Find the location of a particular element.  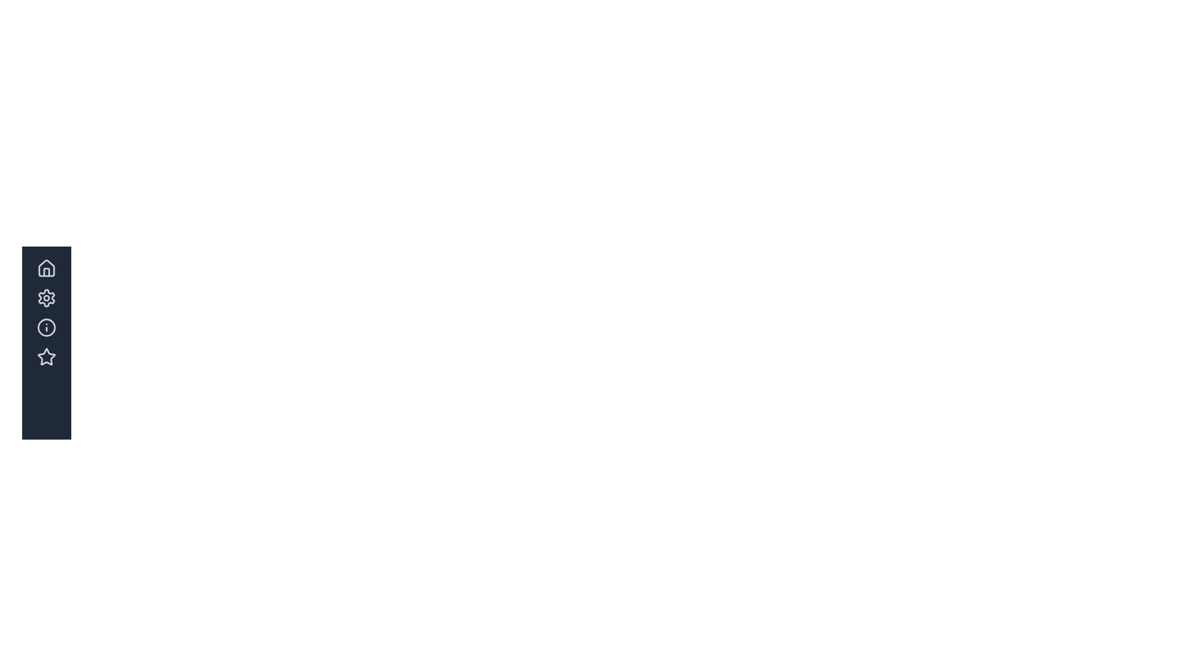

the gear icon located in the vertical navigation menu is located at coordinates (47, 298).